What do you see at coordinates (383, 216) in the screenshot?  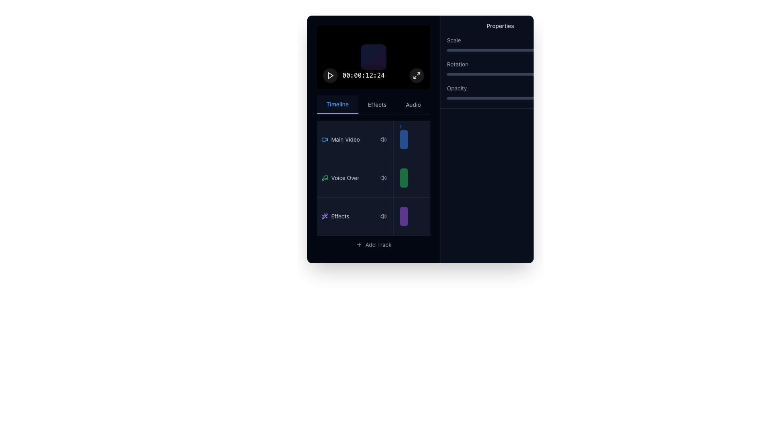 I see `the sound toggle icon located under the 'Effects' row` at bounding box center [383, 216].